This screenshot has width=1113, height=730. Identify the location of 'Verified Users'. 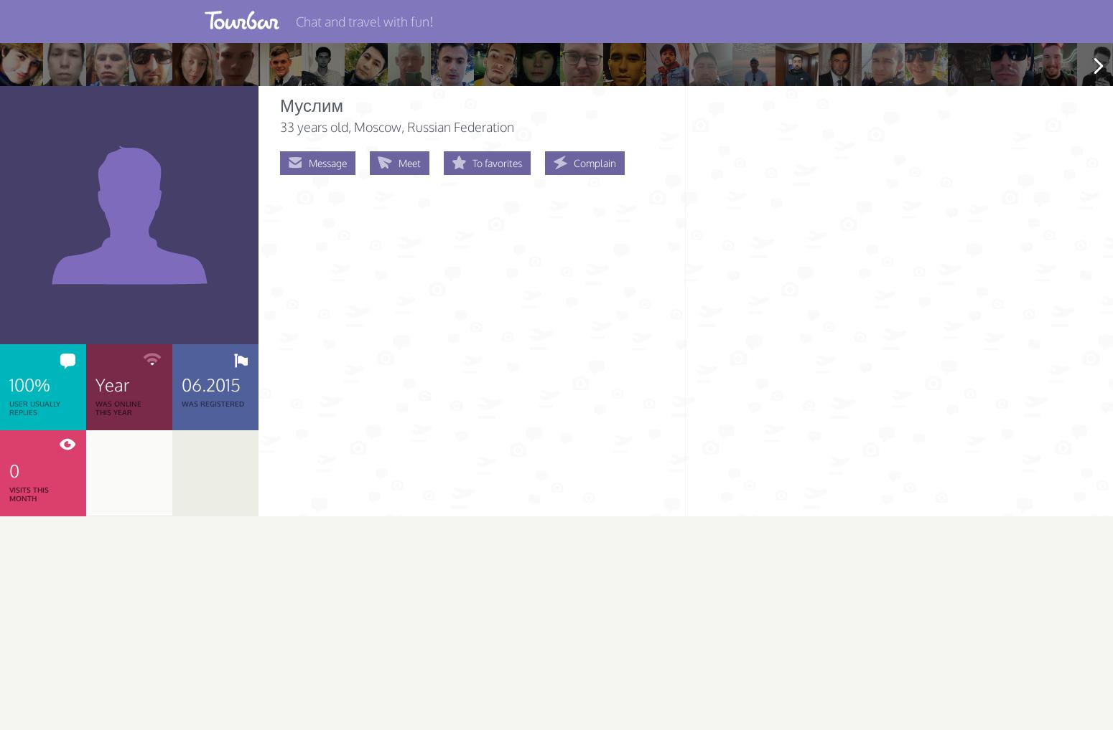
(13, 264).